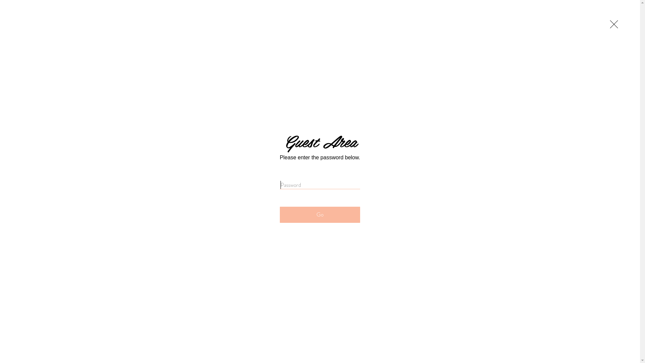 The image size is (645, 363). Describe the element at coordinates (319, 215) in the screenshot. I see `'Go'` at that location.